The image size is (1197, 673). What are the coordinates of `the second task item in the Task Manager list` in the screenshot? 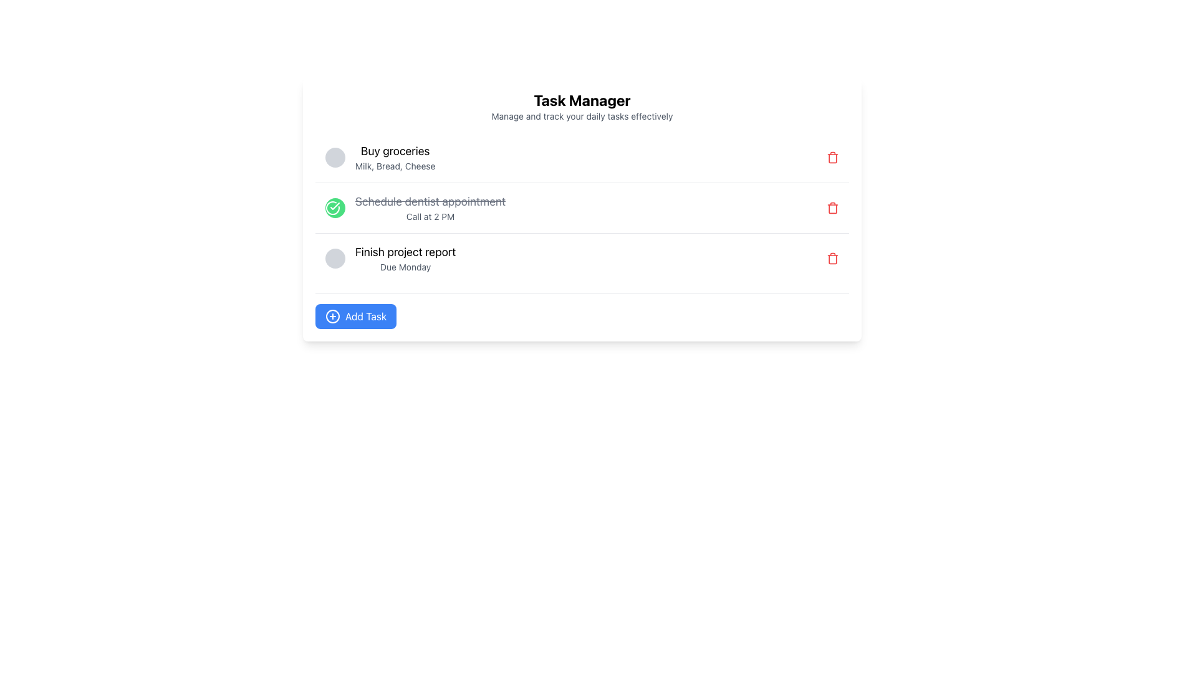 It's located at (582, 208).